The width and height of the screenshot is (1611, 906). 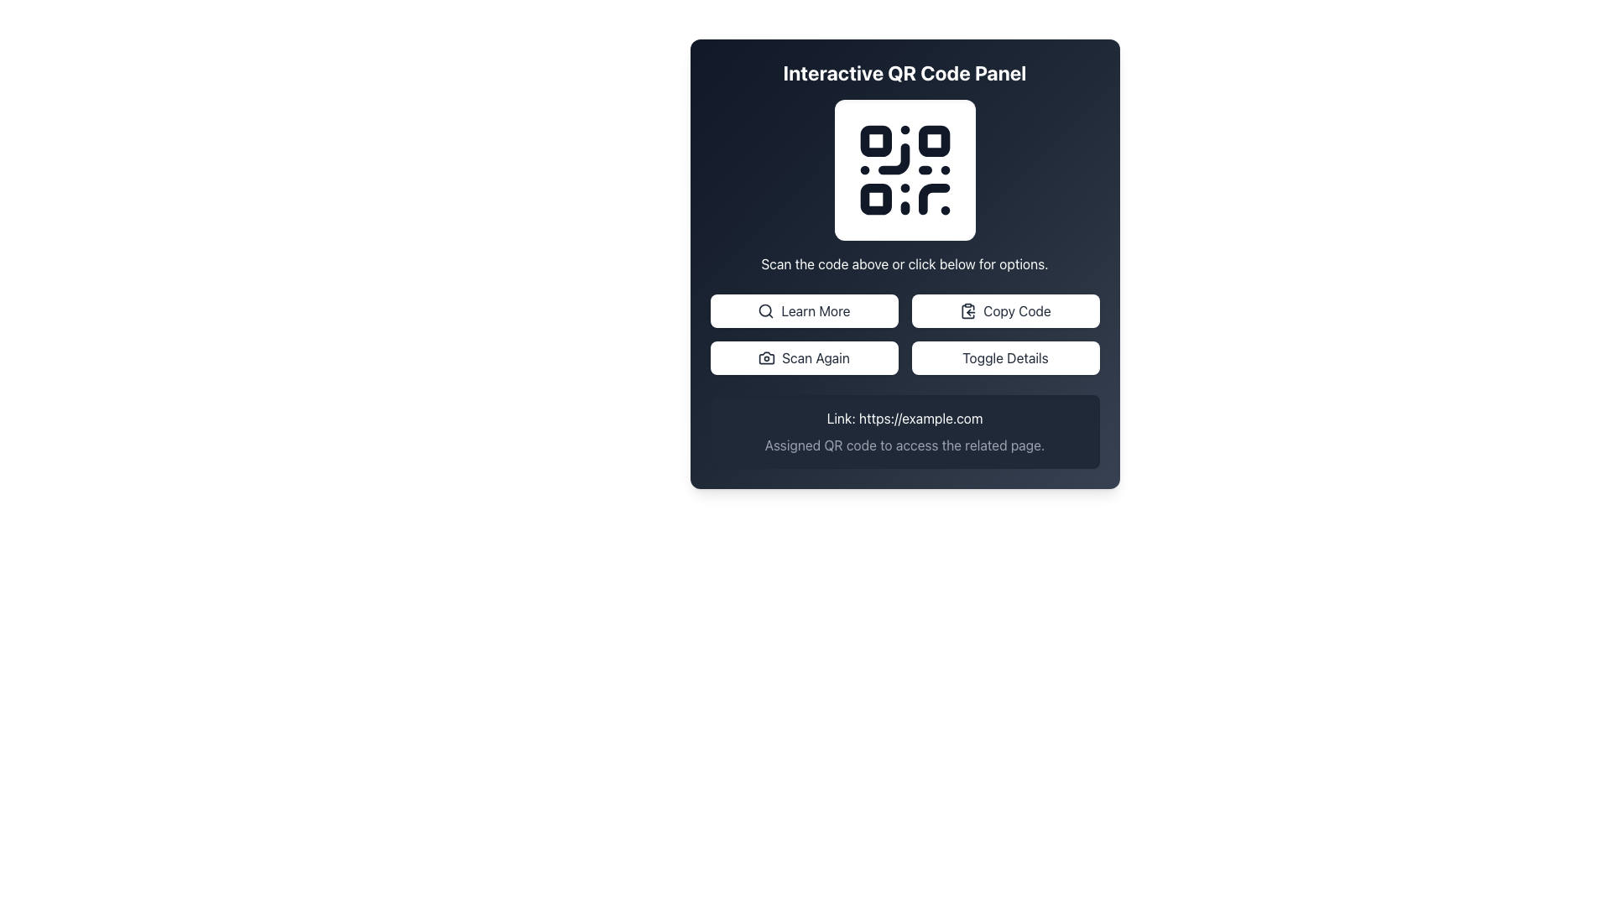 I want to click on the magnifying glass icon located to the left of the 'Learn More' text, so click(x=765, y=310).